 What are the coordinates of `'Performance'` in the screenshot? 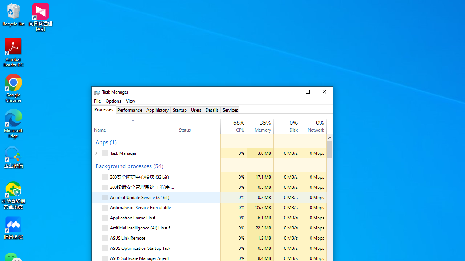 It's located at (130, 110).